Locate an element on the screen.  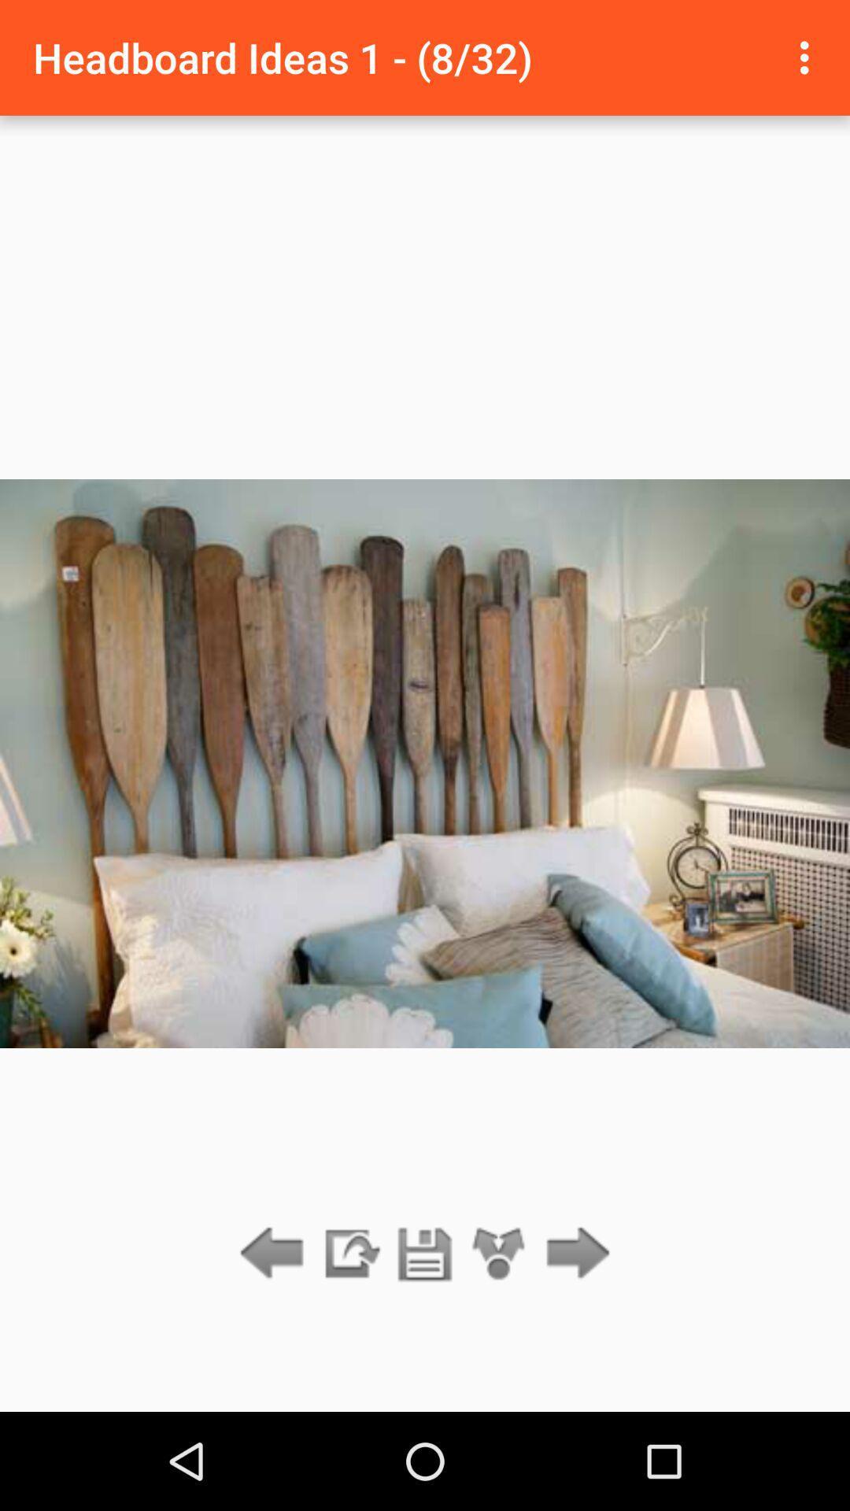
the icon at the top right corner is located at coordinates (808, 57).